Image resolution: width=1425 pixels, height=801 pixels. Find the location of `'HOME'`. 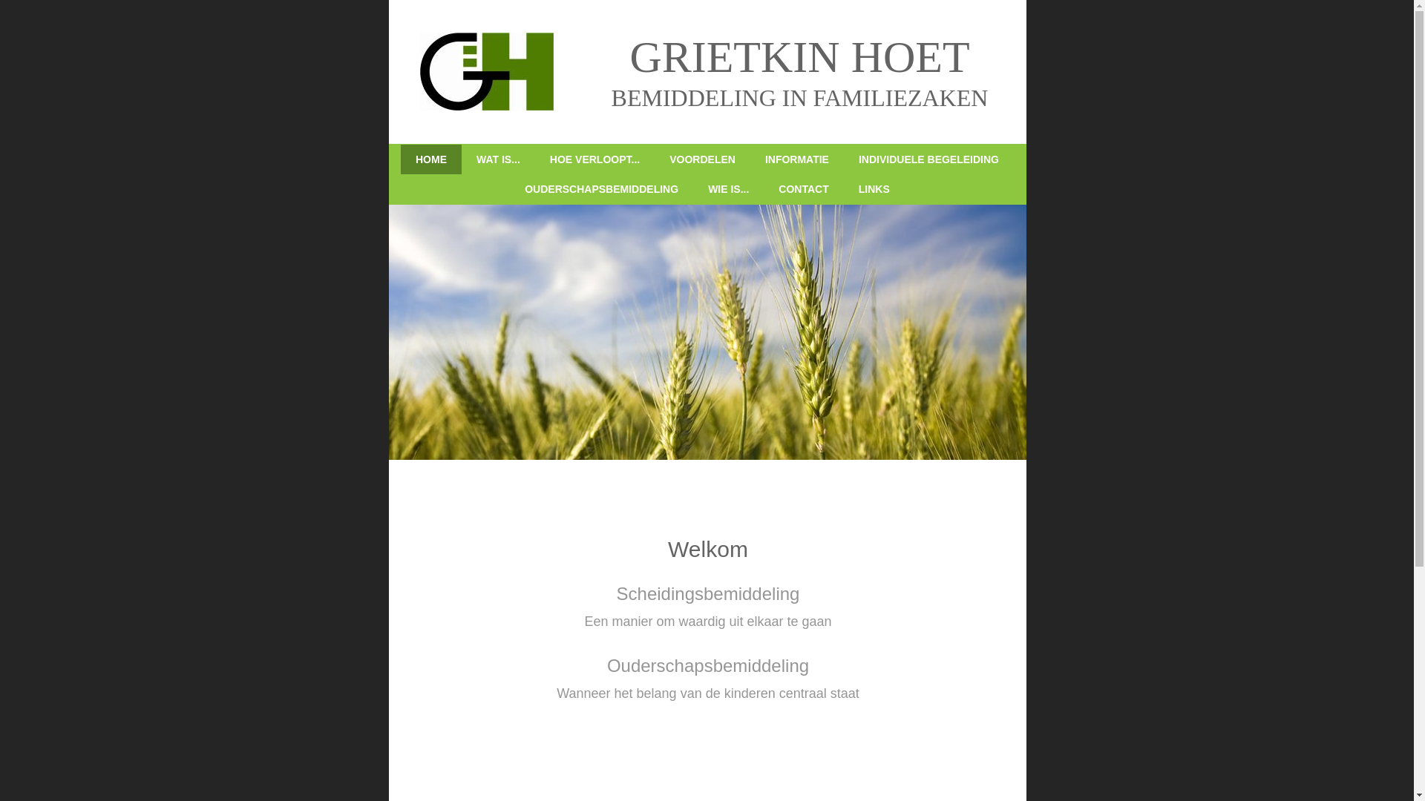

'HOME' is located at coordinates (430, 159).